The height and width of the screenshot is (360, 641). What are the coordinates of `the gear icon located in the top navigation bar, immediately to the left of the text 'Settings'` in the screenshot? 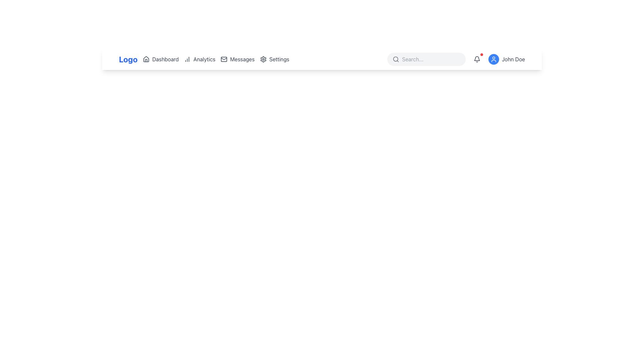 It's located at (263, 59).